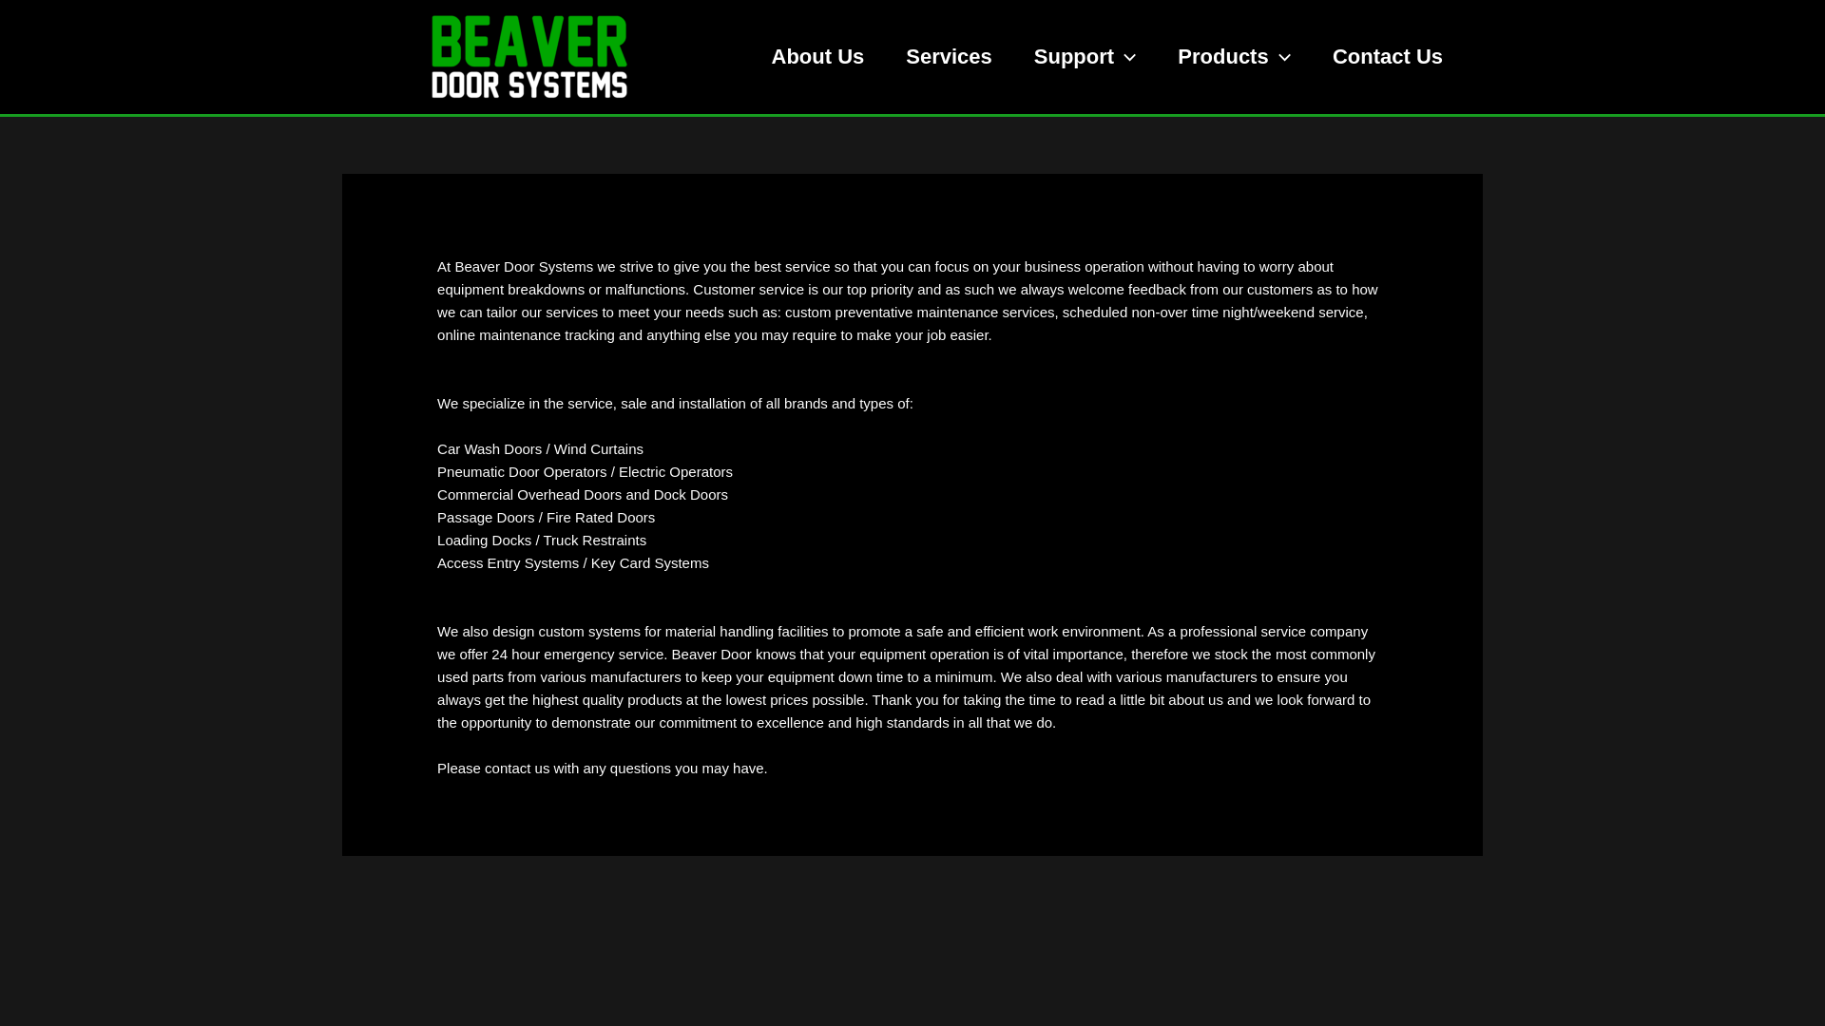 This screenshot has width=1825, height=1026. Describe the element at coordinates (949, 56) in the screenshot. I see `'Services'` at that location.